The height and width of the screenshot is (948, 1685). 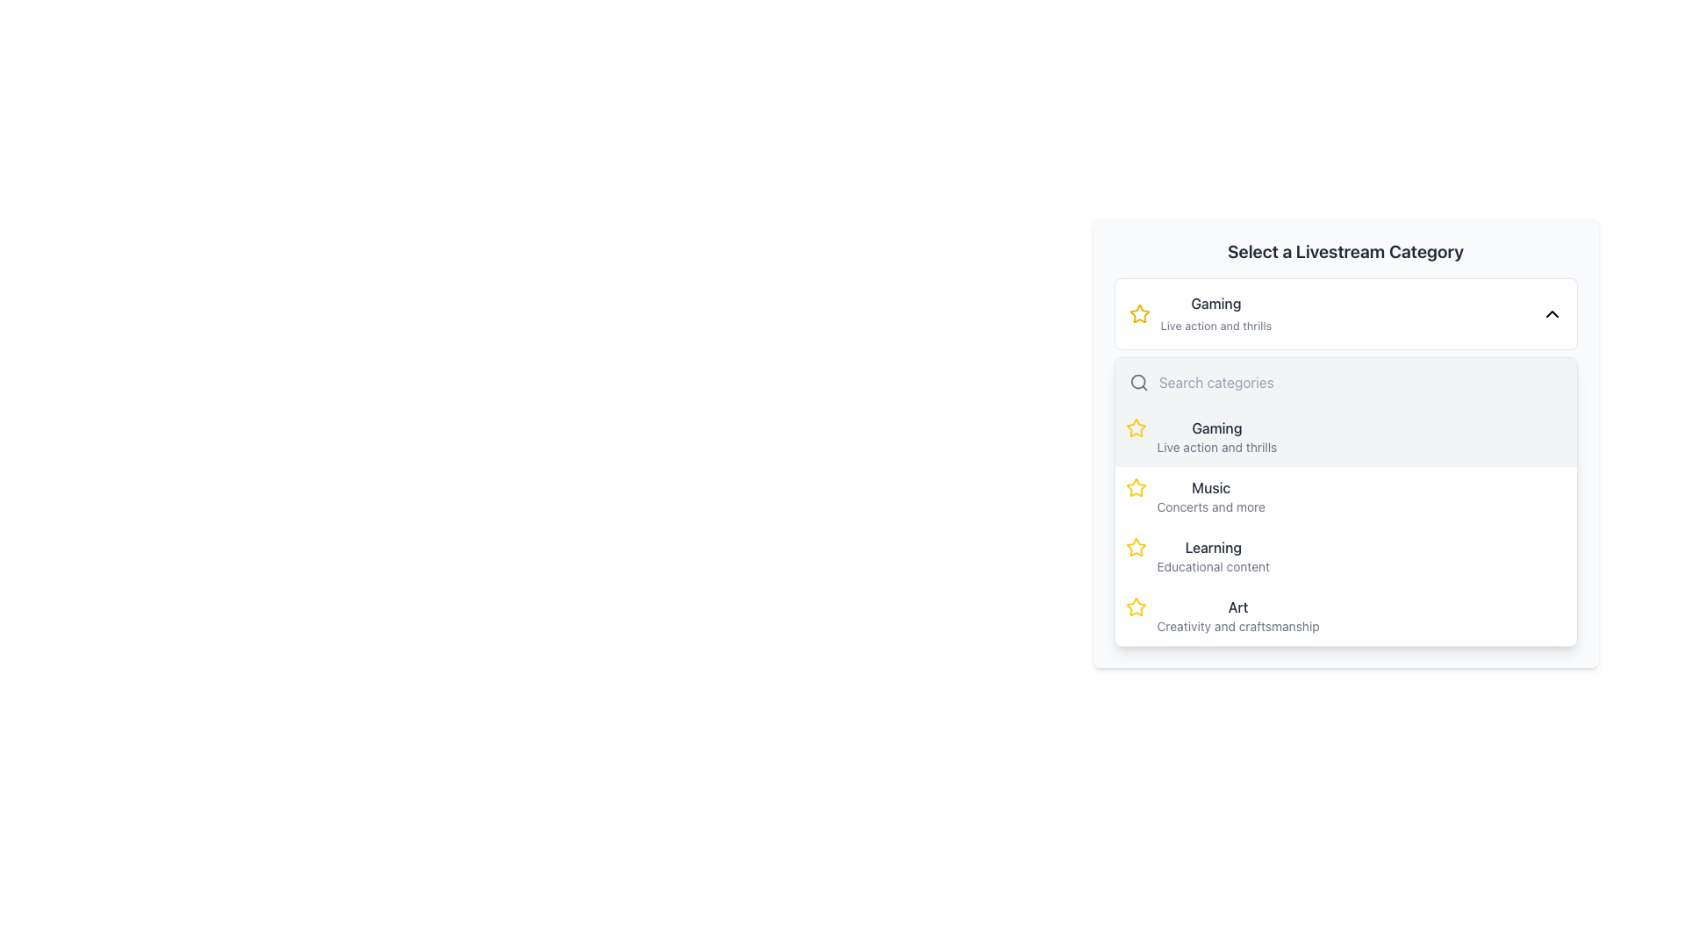 I want to click on the 'Gaming' category text in the dropdown list, so click(x=1215, y=313).